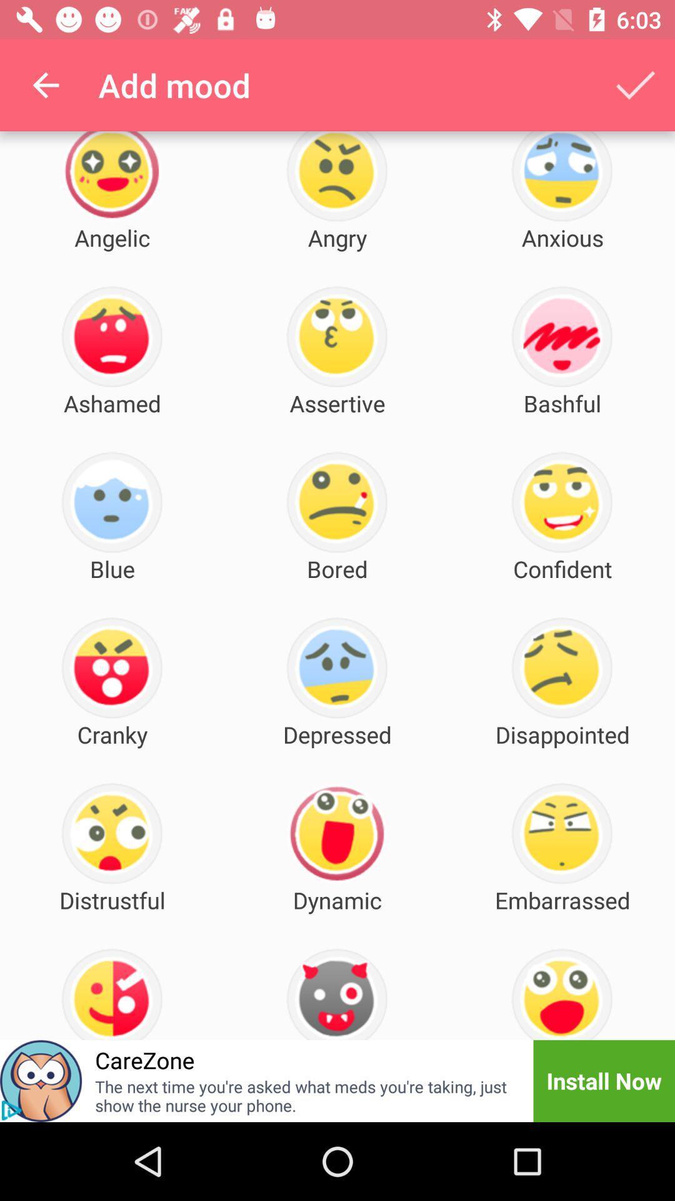 The height and width of the screenshot is (1201, 675). Describe the element at coordinates (40, 1080) in the screenshot. I see `share the article` at that location.